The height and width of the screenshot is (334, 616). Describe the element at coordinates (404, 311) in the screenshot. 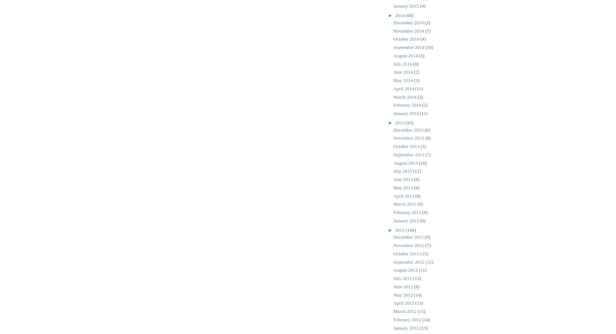

I see `'March 2012'` at that location.